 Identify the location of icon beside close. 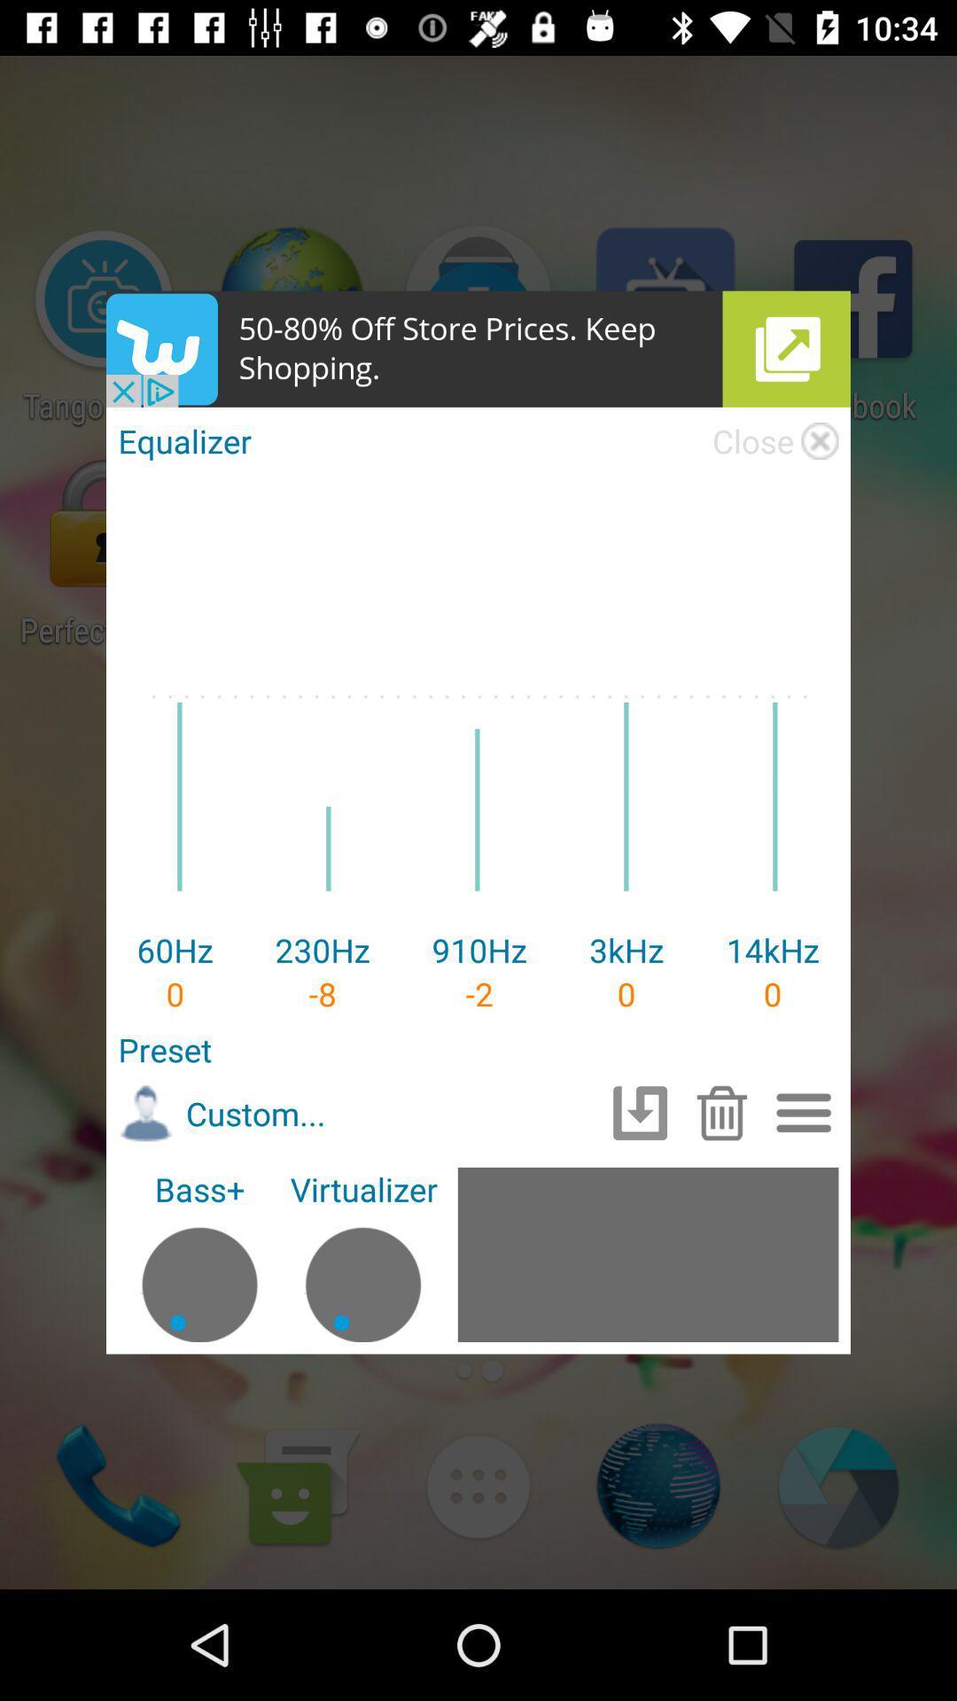
(820, 441).